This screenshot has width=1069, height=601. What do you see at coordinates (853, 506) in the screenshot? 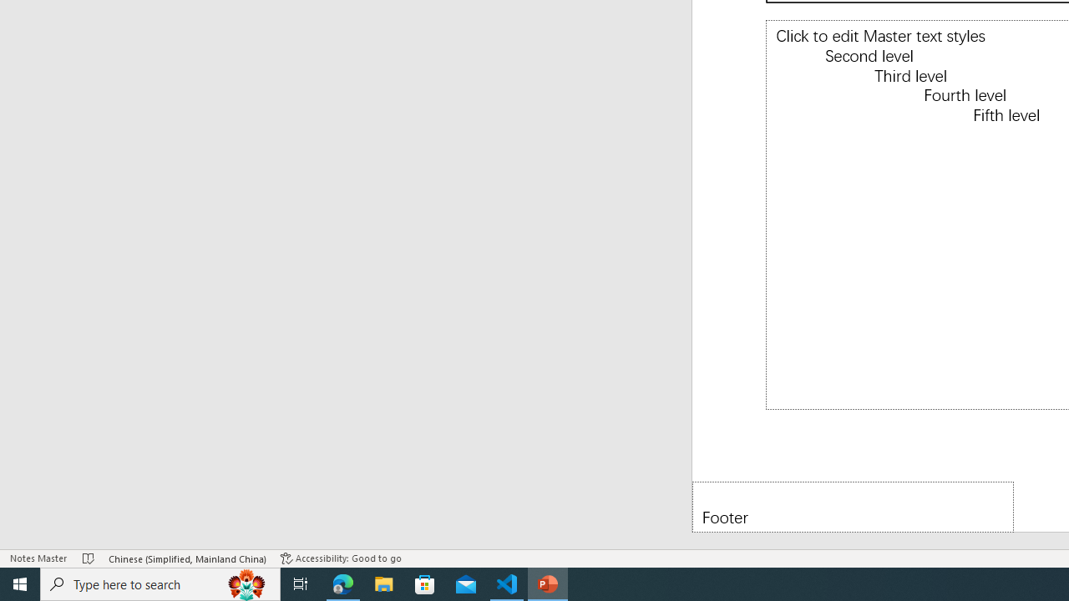
I see `'Footer'` at bounding box center [853, 506].